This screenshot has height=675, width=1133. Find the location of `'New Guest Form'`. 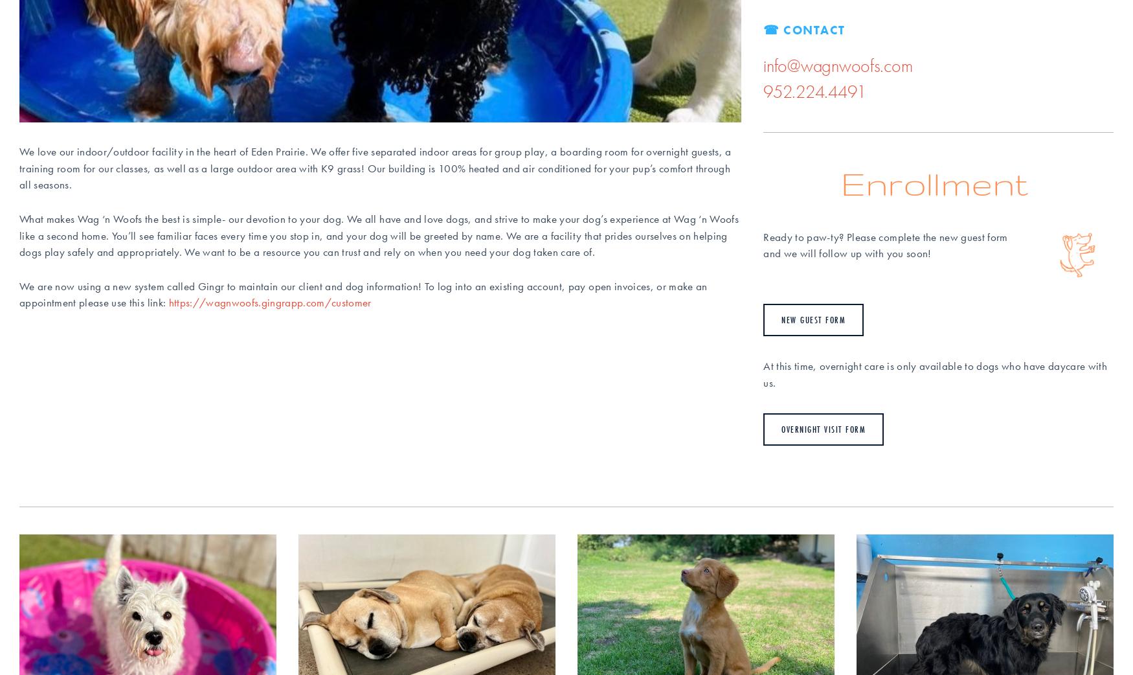

'New Guest Form' is located at coordinates (813, 320).